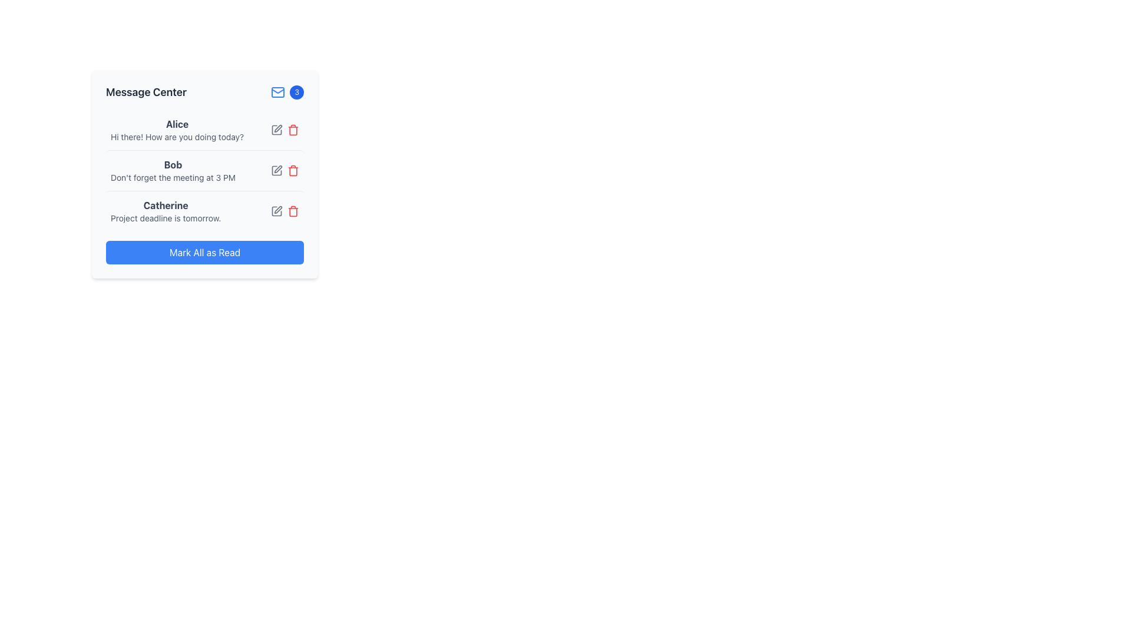 The width and height of the screenshot is (1131, 636). What do you see at coordinates (277, 92) in the screenshot?
I see `the blue mail icon, which is an envelope located in the top-right quadrant of the 'Message Center' header, to the left of the notification badge displaying the number '3'` at bounding box center [277, 92].